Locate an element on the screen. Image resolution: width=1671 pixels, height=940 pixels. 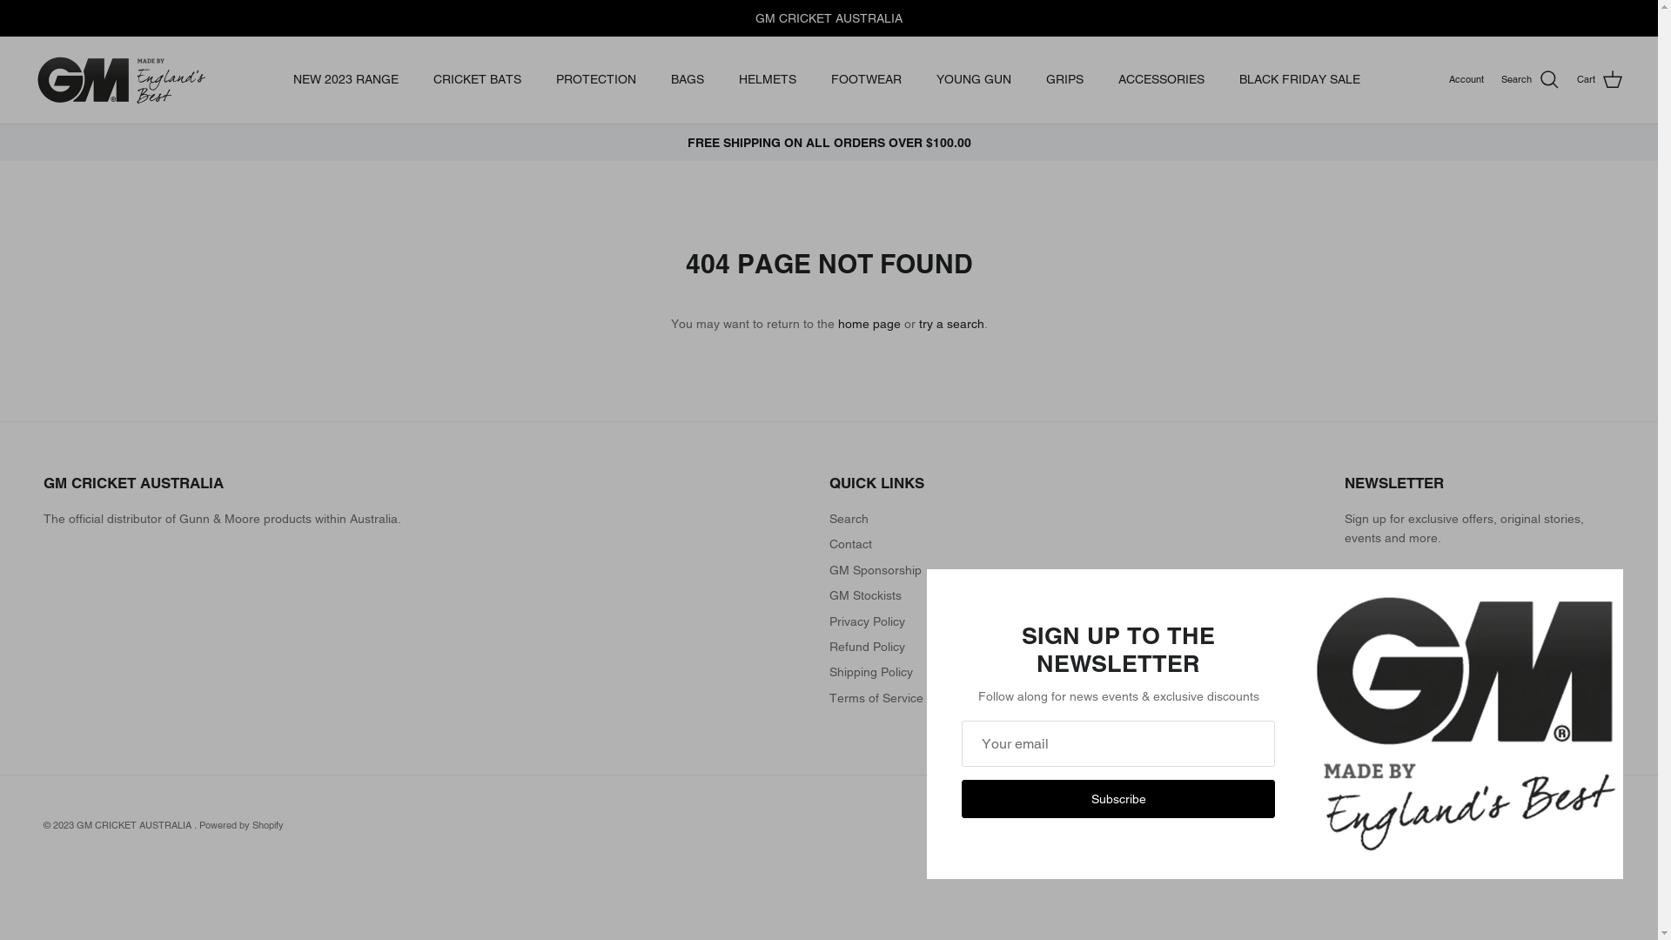
'HELMETS' is located at coordinates (767, 79).